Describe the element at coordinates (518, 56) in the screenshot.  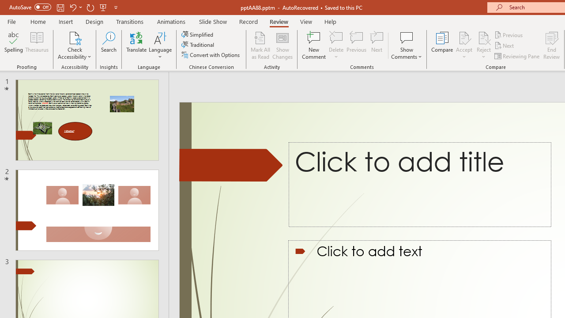
I see `'Reviewing Pane'` at that location.